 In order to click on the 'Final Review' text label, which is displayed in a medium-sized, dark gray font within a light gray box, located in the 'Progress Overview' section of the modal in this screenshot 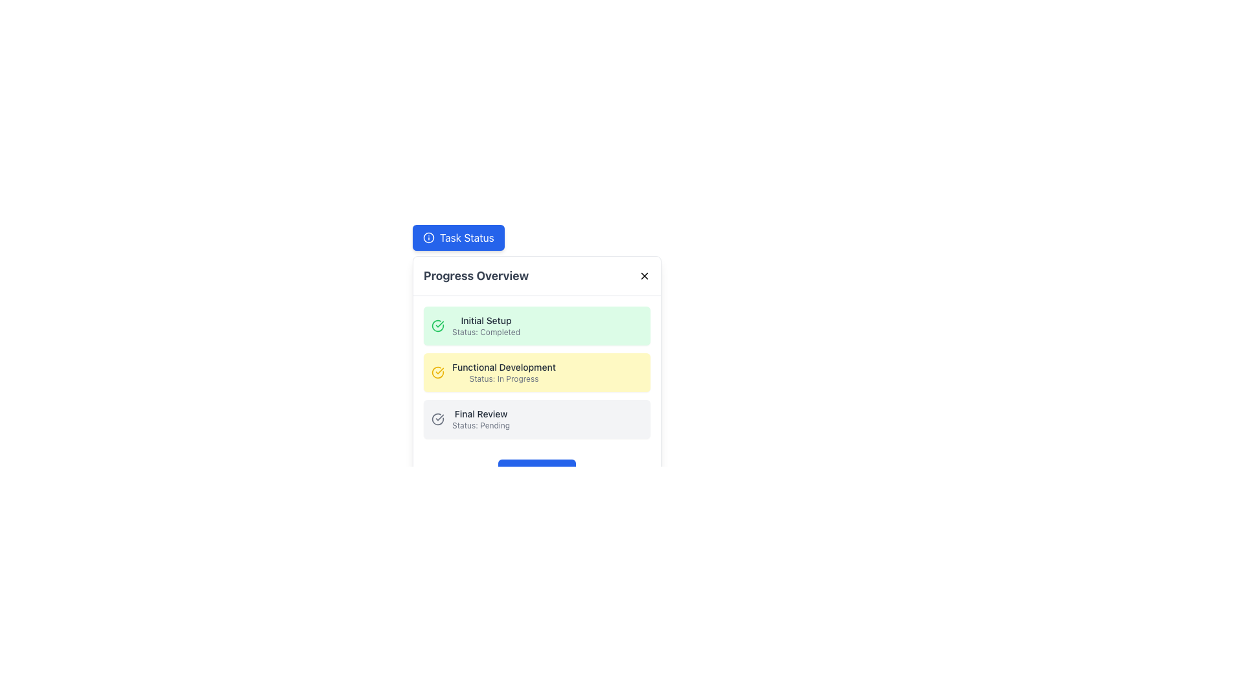, I will do `click(480, 414)`.